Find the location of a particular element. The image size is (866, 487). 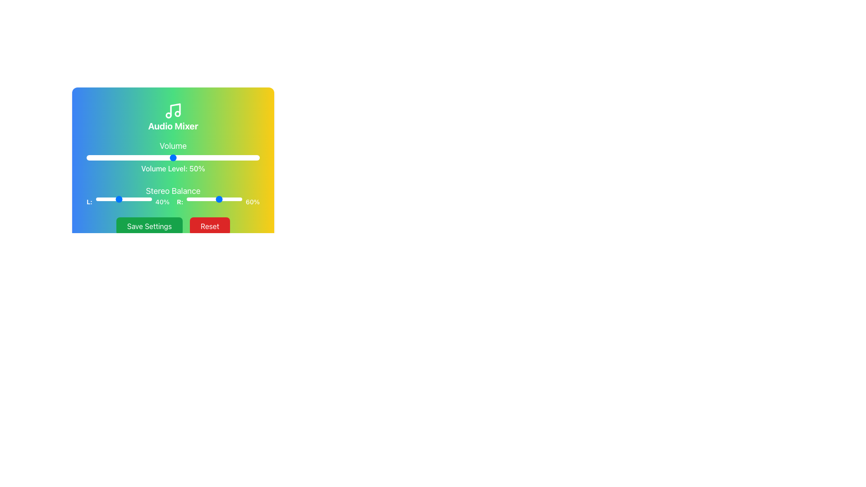

the volume is located at coordinates (122, 157).